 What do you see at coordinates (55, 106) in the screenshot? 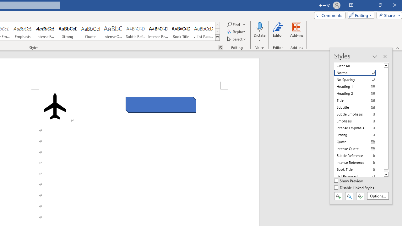
I see `'Airplane with solid fill'` at bounding box center [55, 106].